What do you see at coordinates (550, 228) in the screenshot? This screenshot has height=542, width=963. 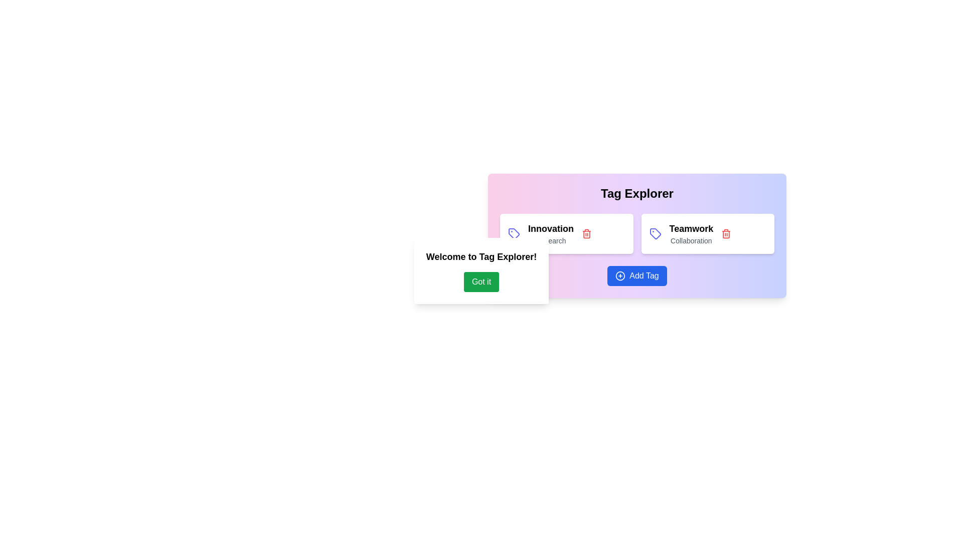 I see `the text label styled as a title or header that reads 'Innovation', which is prominently displayed in a larger font and boldface, located above the 'Research' text element in the 'Tag Explorer' section` at bounding box center [550, 228].